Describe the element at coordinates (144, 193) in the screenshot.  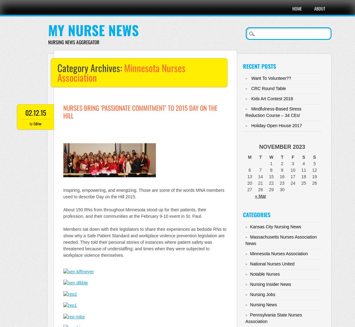
I see `'Inspiring, empowering, and energizing. Those are some of the words MNA members used to describe Day on the Hill 2015.'` at that location.